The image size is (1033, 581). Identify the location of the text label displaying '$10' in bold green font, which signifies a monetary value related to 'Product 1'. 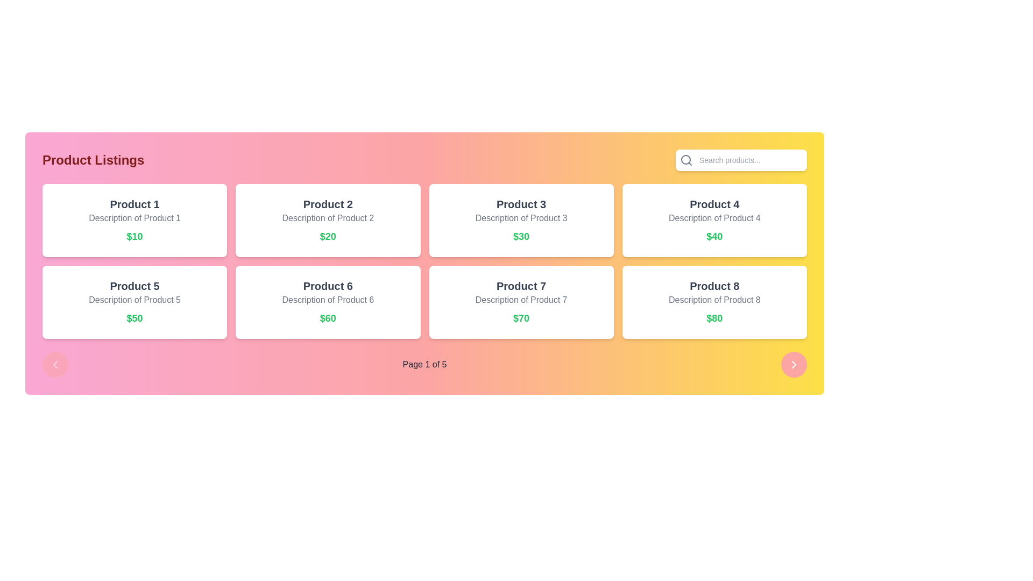
(134, 236).